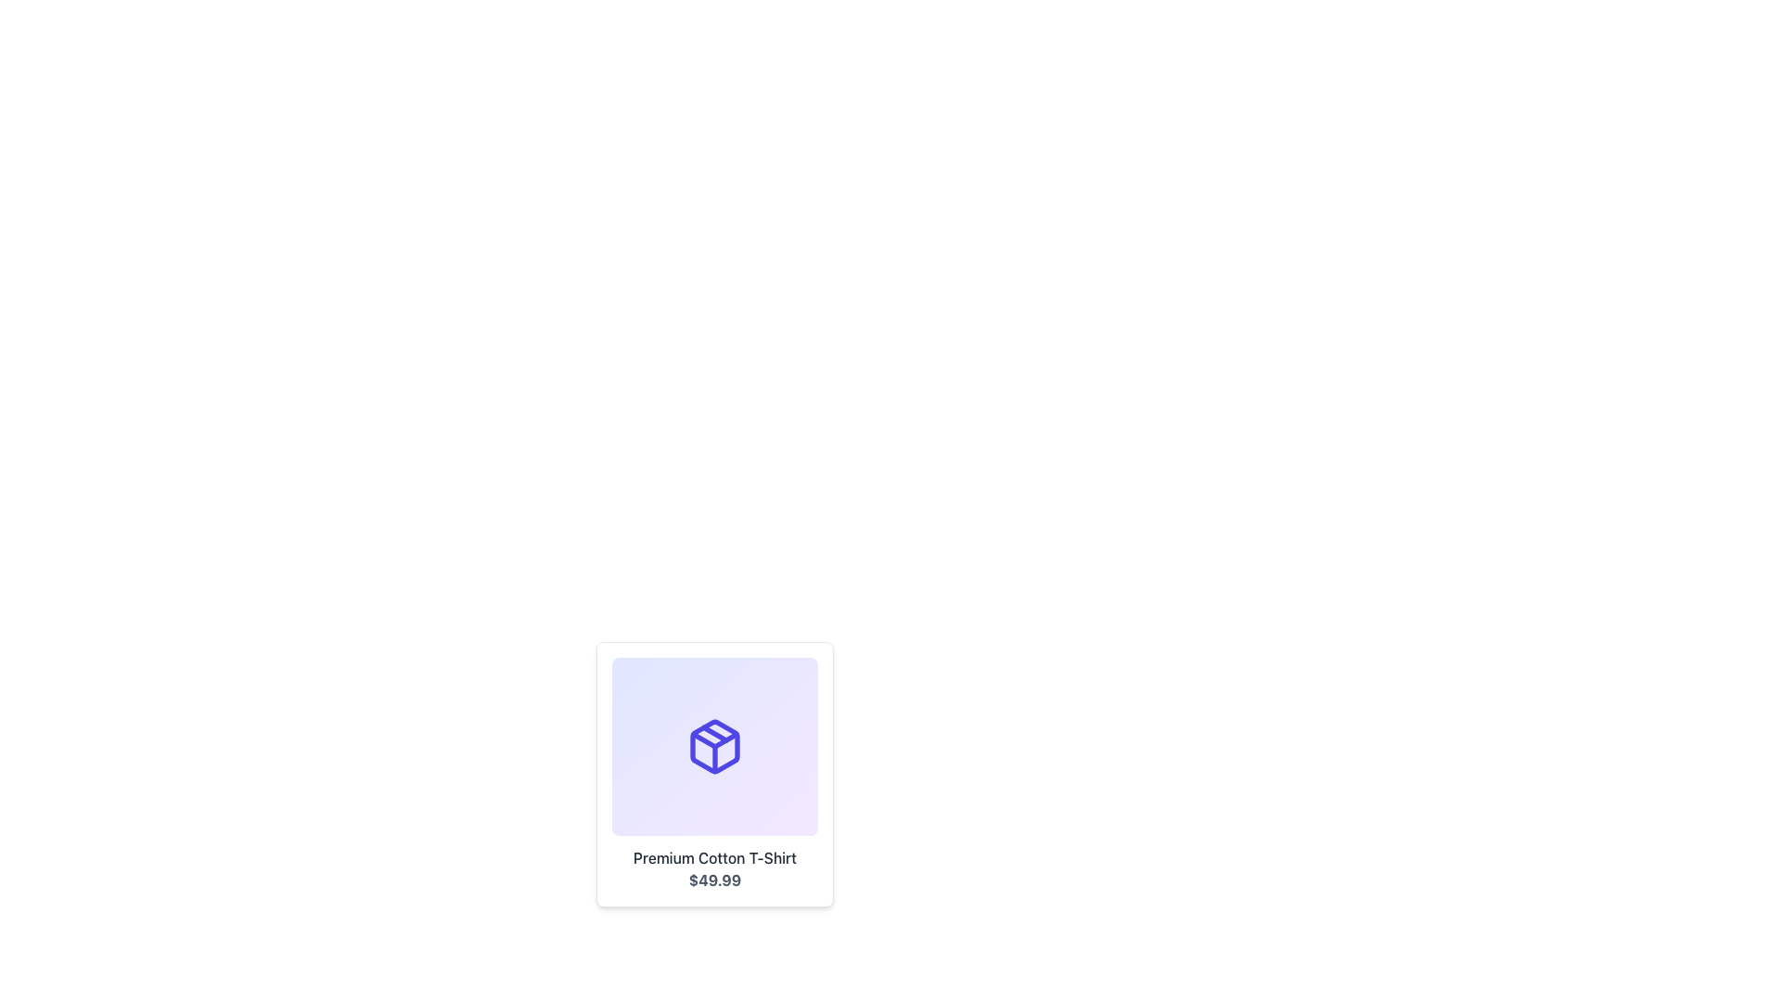  I want to click on price displayed in the text label located below the 'Premium Cotton T-Shirt' text within the card-style component, so click(714, 879).